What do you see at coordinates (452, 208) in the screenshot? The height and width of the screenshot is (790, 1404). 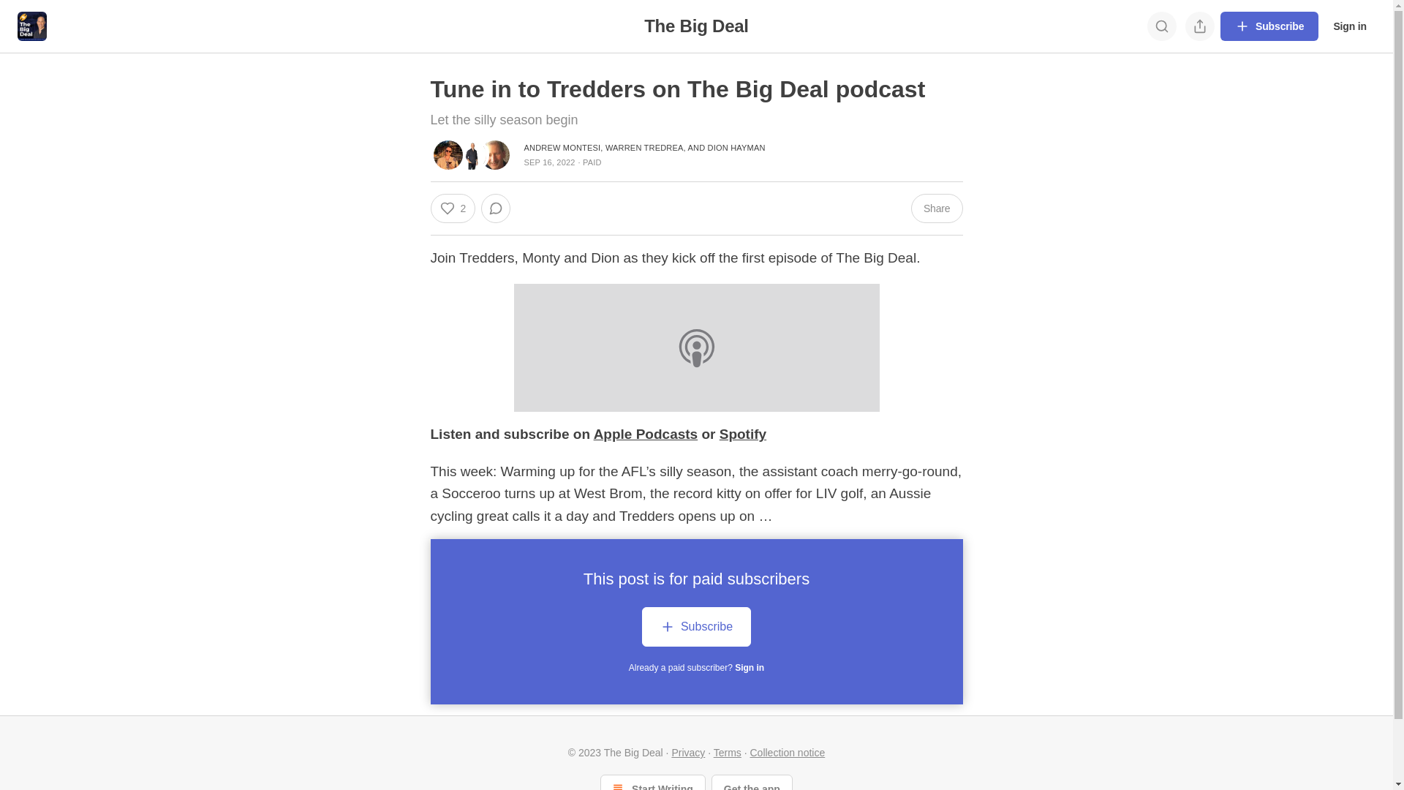 I see `'2'` at bounding box center [452, 208].